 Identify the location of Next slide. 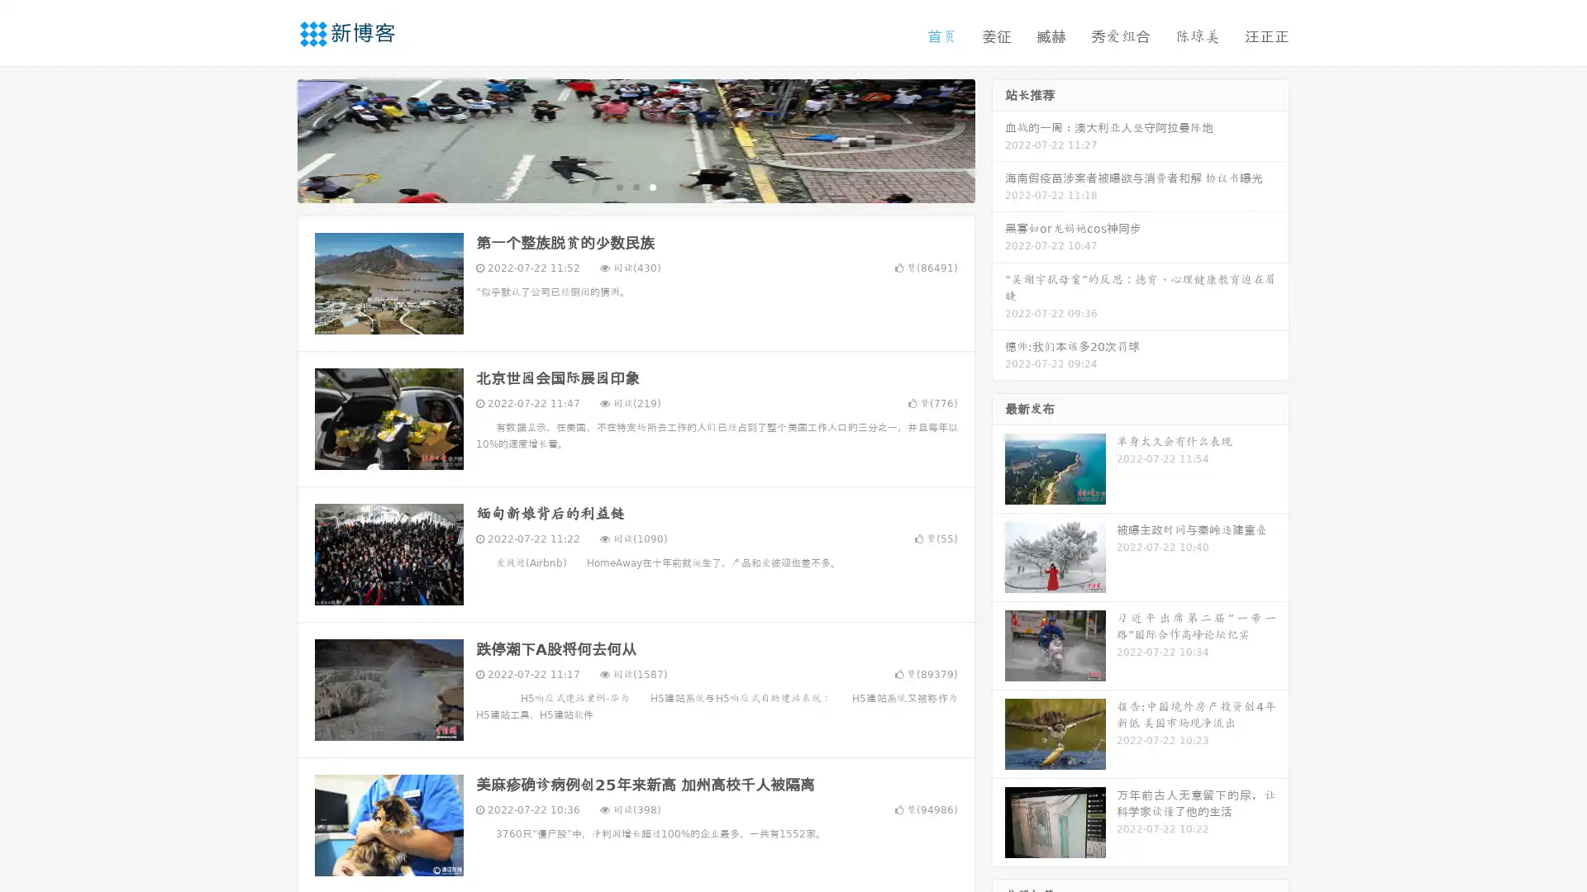
(998, 139).